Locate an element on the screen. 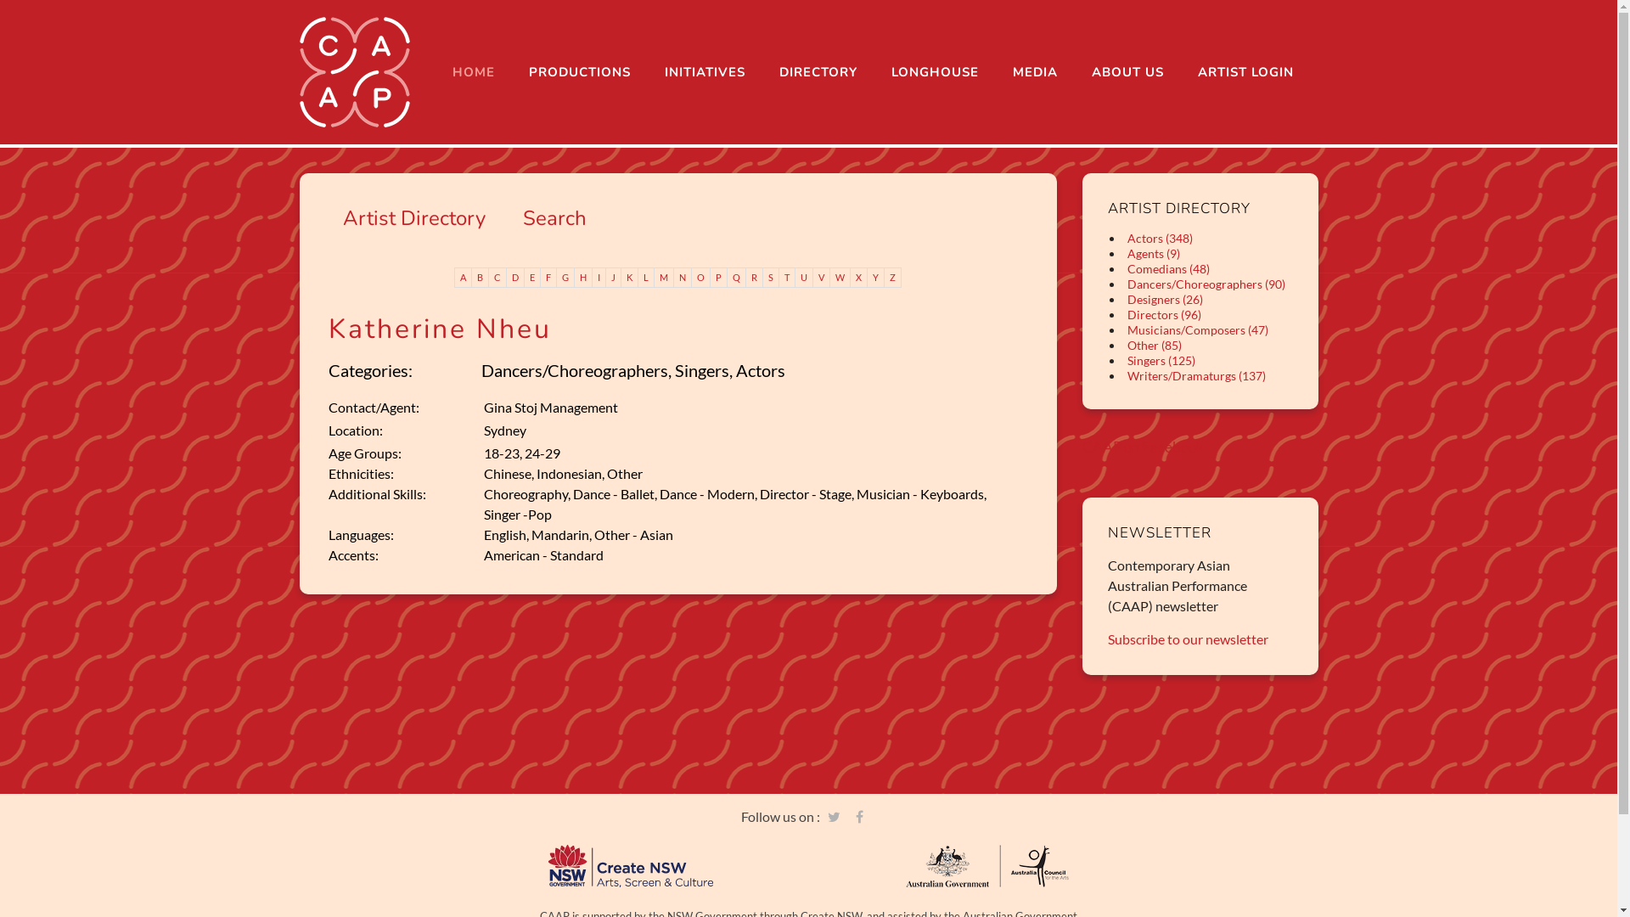  'R' is located at coordinates (753, 277).